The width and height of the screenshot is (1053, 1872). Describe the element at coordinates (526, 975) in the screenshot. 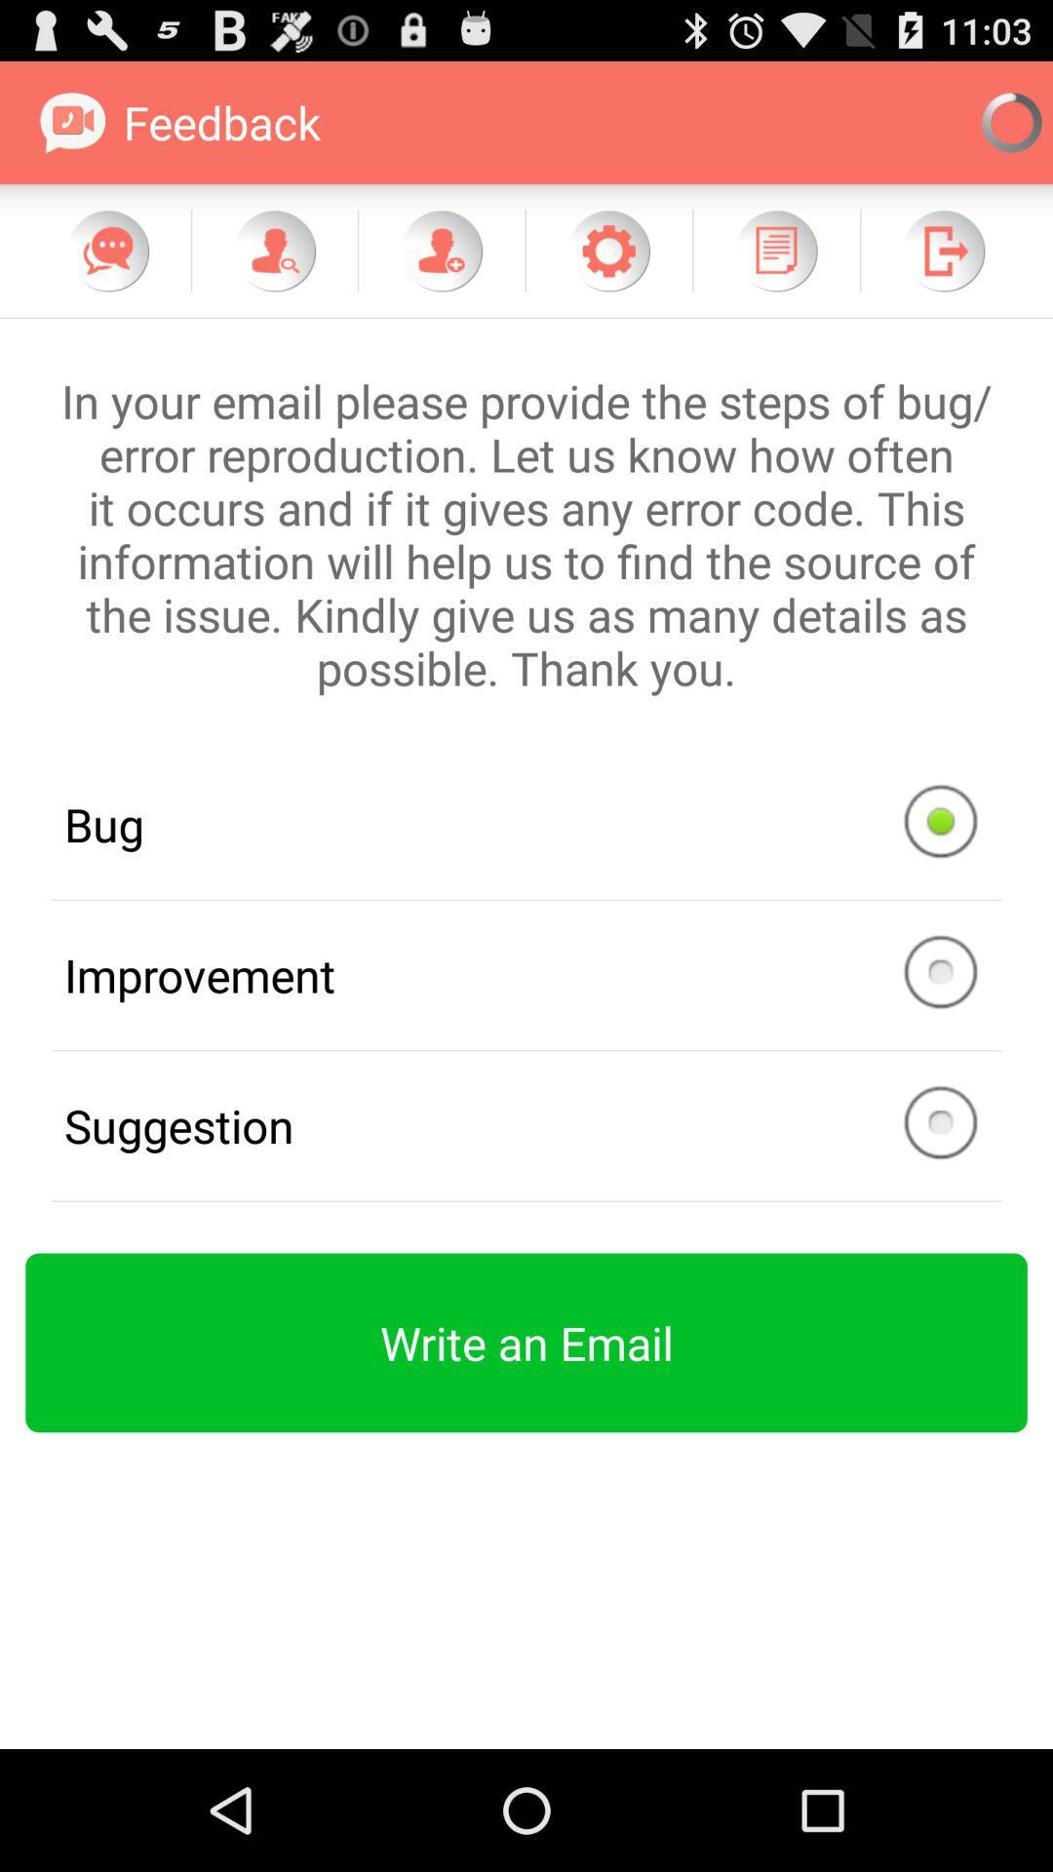

I see `radio button above the suggestion` at that location.